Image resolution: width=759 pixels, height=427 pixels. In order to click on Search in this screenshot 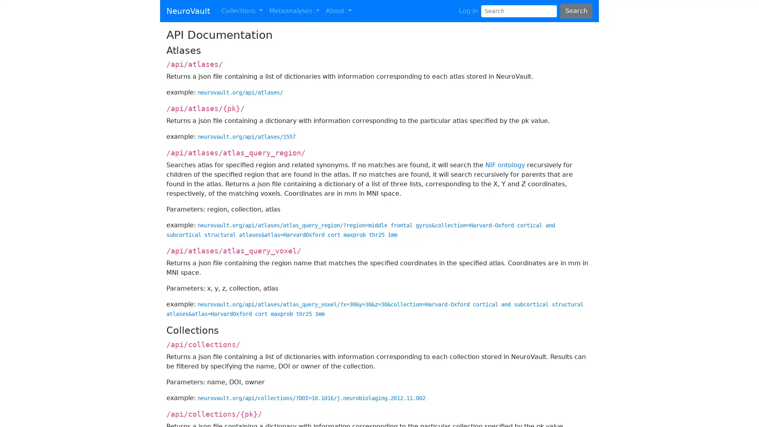, I will do `click(576, 11)`.